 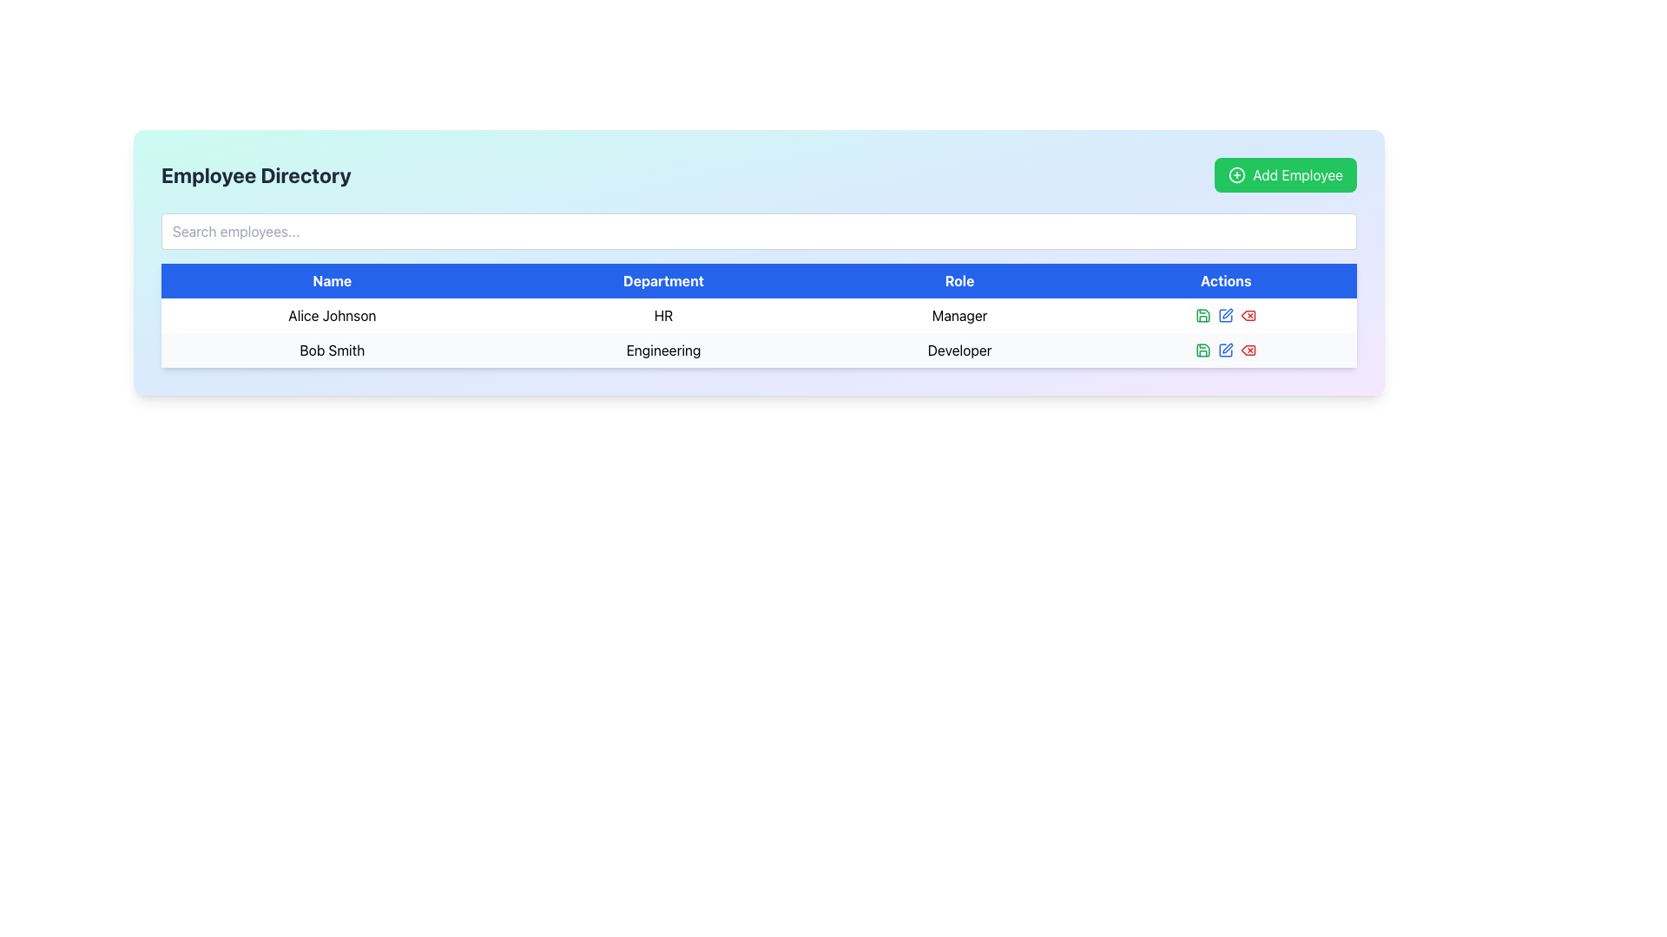 What do you see at coordinates (662, 280) in the screenshot?
I see `the 'Department' Table Header, which is the second header label in a row of four headers, positioned between 'Name' and 'Role'` at bounding box center [662, 280].